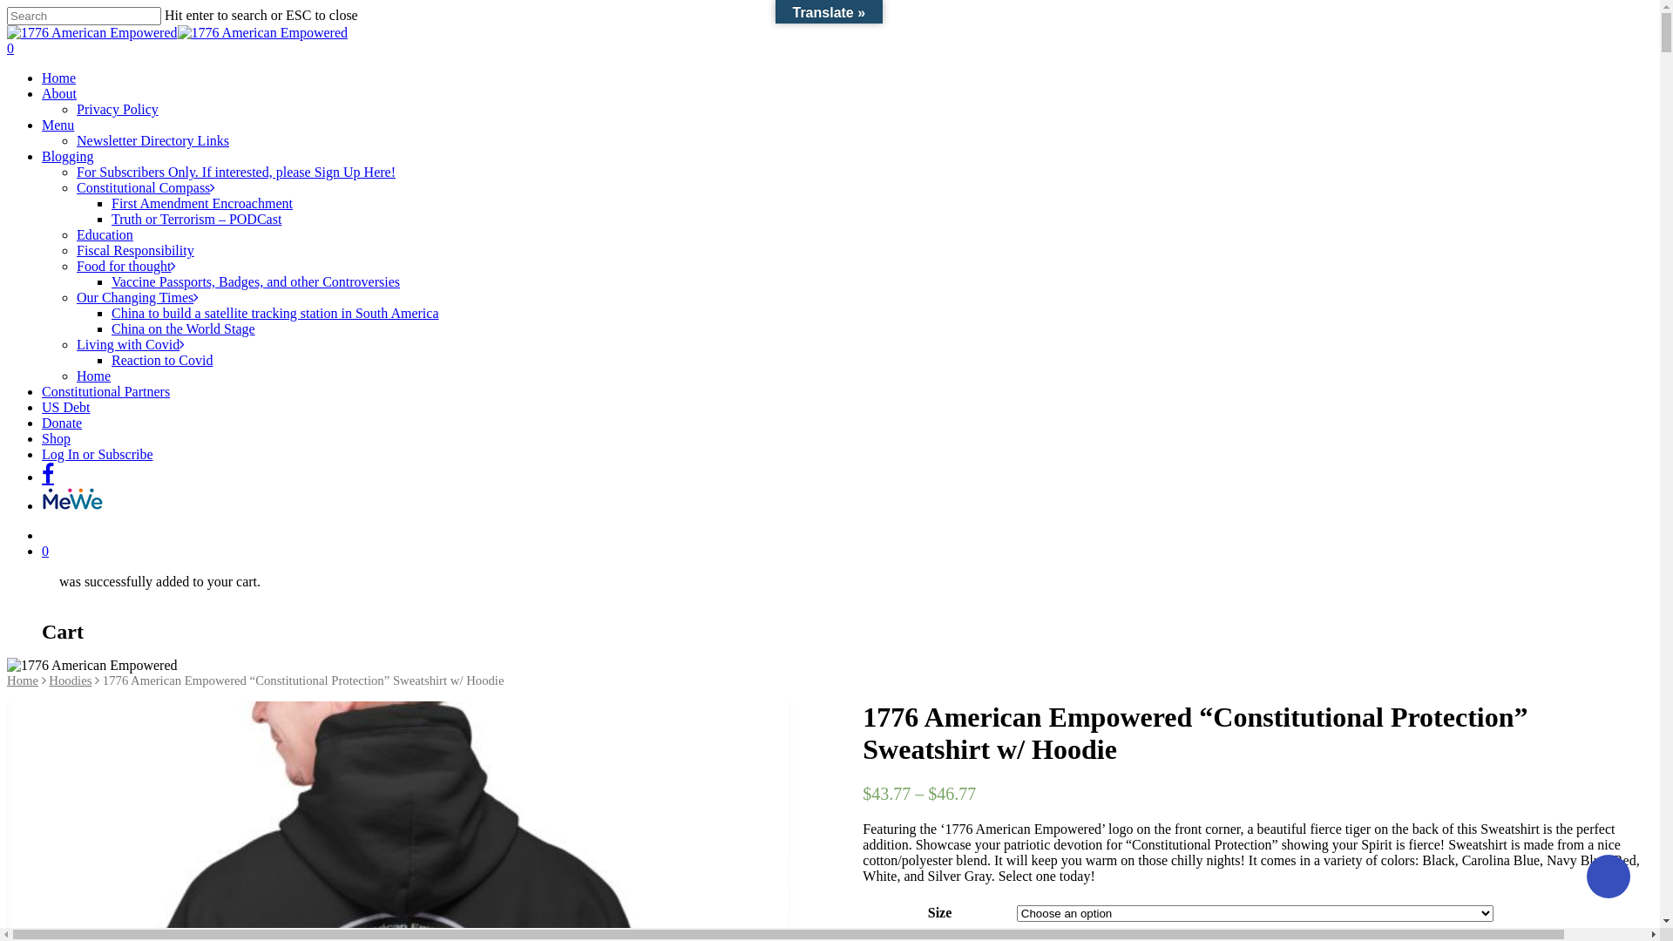 This screenshot has width=1673, height=941. Describe the element at coordinates (56, 437) in the screenshot. I see `'Shop'` at that location.